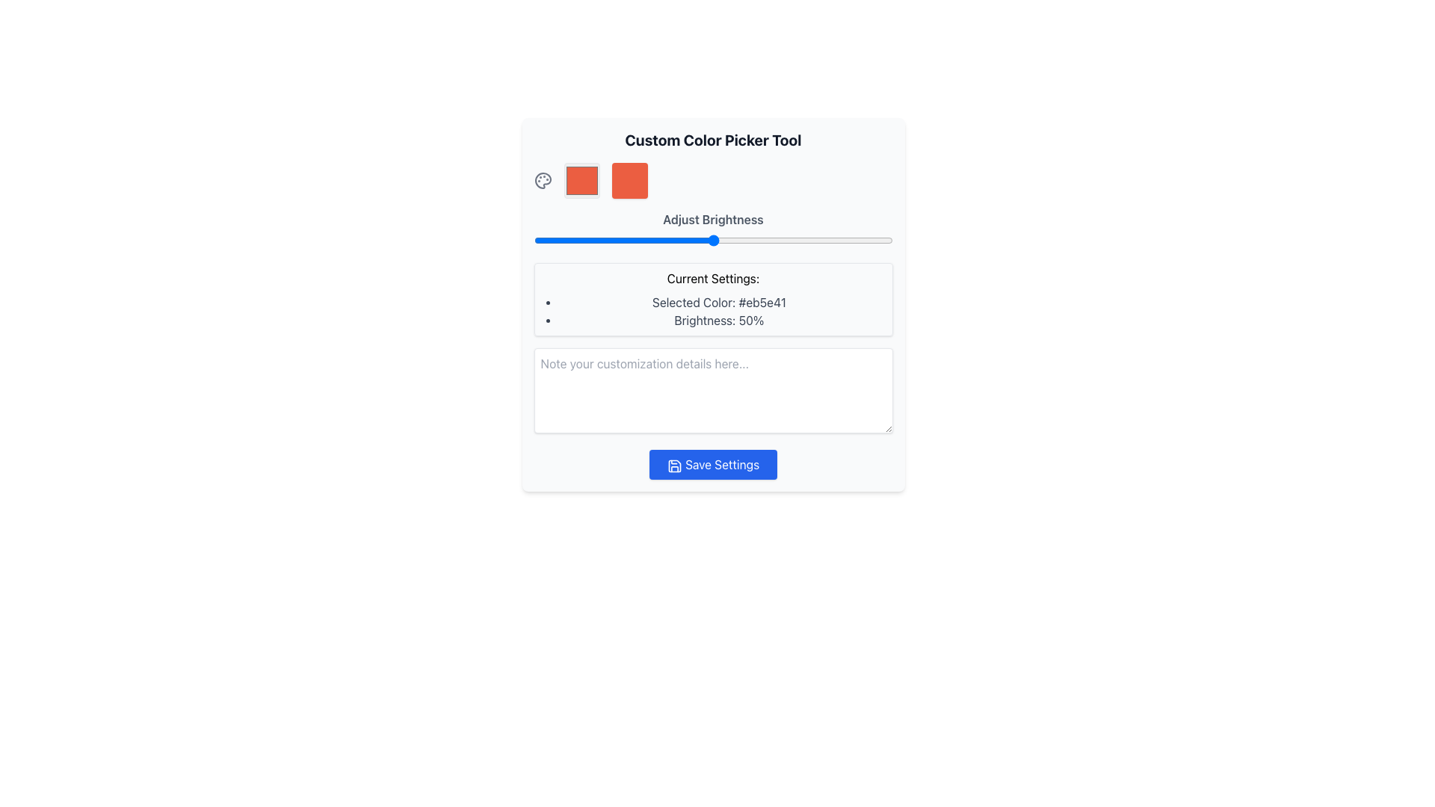  Describe the element at coordinates (680, 239) in the screenshot. I see `brightness` at that location.